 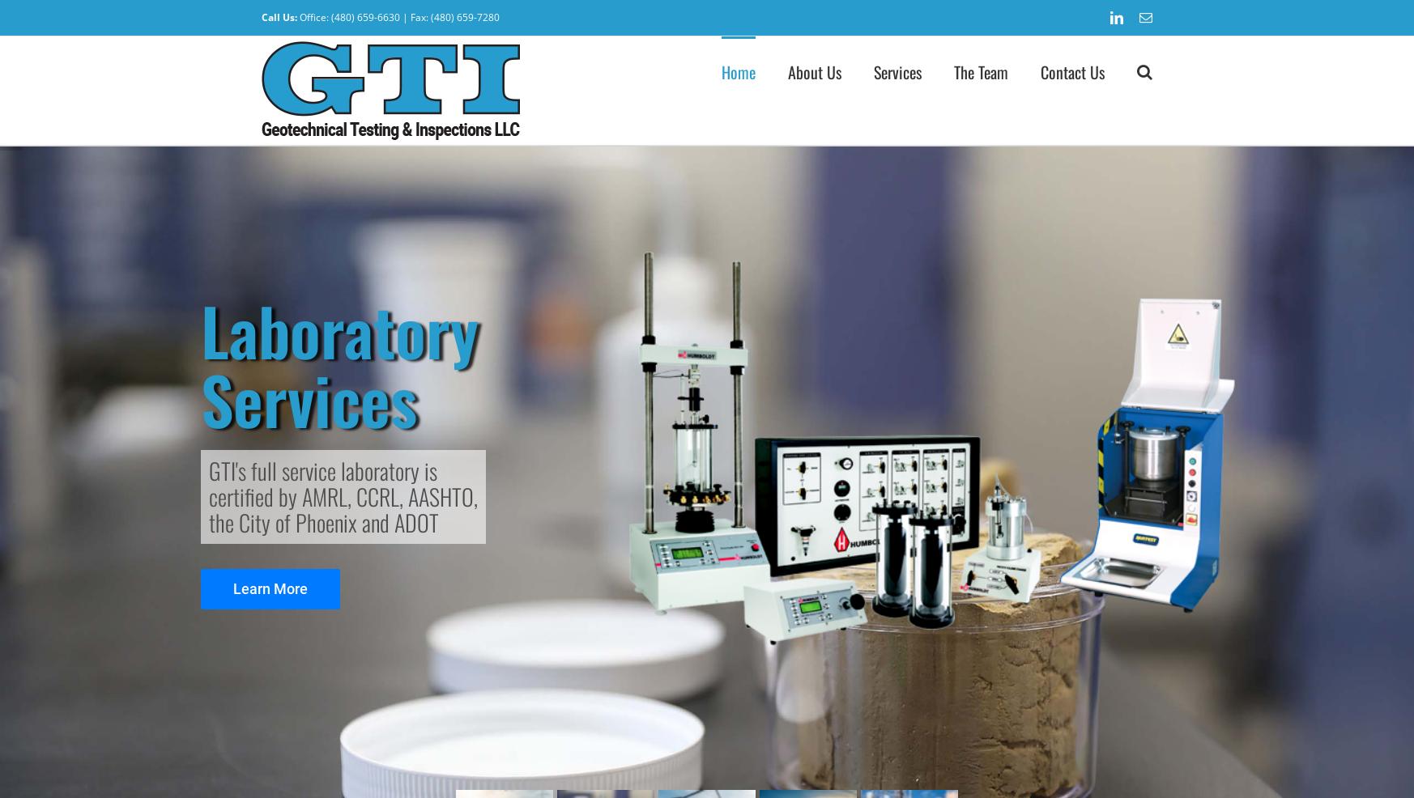 What do you see at coordinates (322, 471) in the screenshot?
I see `'GTI's full service laboratory is'` at bounding box center [322, 471].